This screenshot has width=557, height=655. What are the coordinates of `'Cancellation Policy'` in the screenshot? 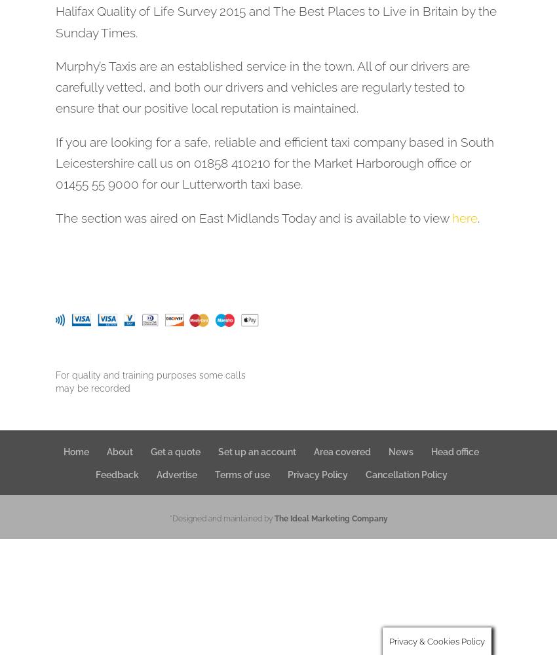 It's located at (405, 474).